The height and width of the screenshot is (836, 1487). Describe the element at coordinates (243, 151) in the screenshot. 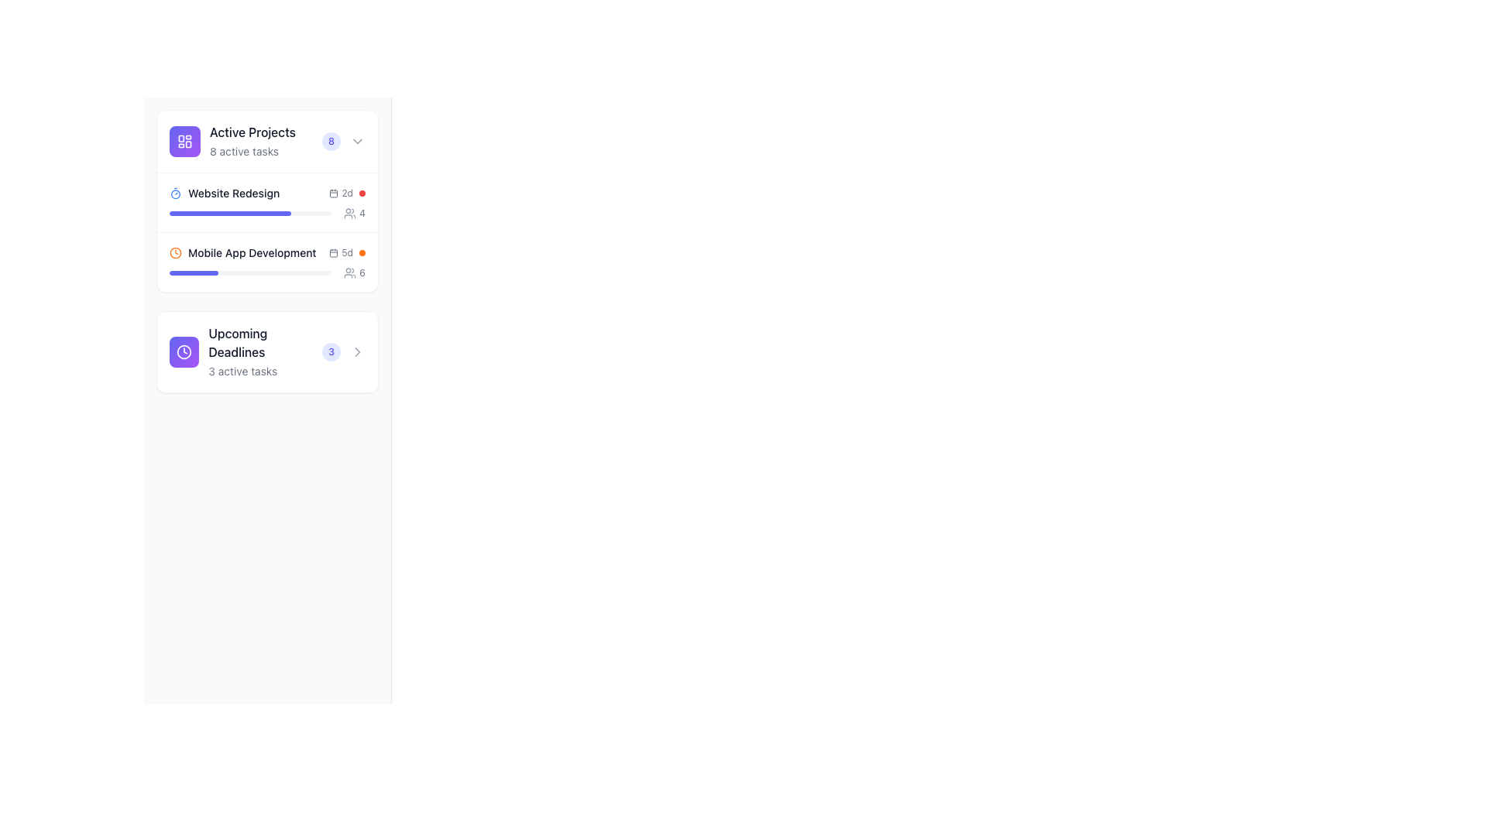

I see `the non-interactive text label indicating the number of active tasks associated with 'Active Projects', located below the 'Active Projects' heading` at that location.